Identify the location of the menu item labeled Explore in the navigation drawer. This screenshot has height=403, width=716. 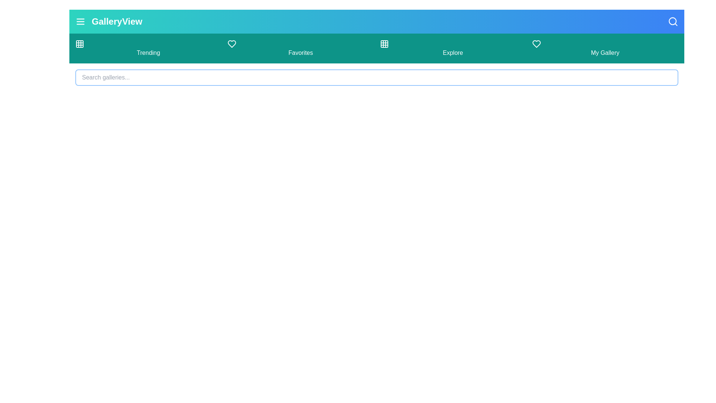
(452, 49).